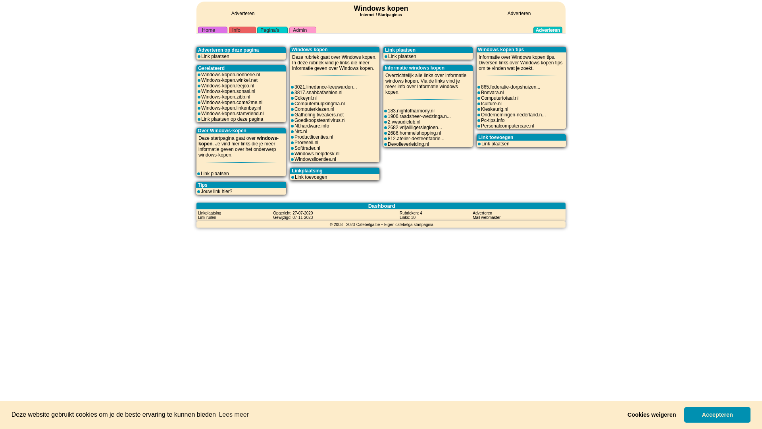 This screenshot has height=429, width=762. I want to click on 'Windows-kopen.zibb.nl', so click(201, 96).